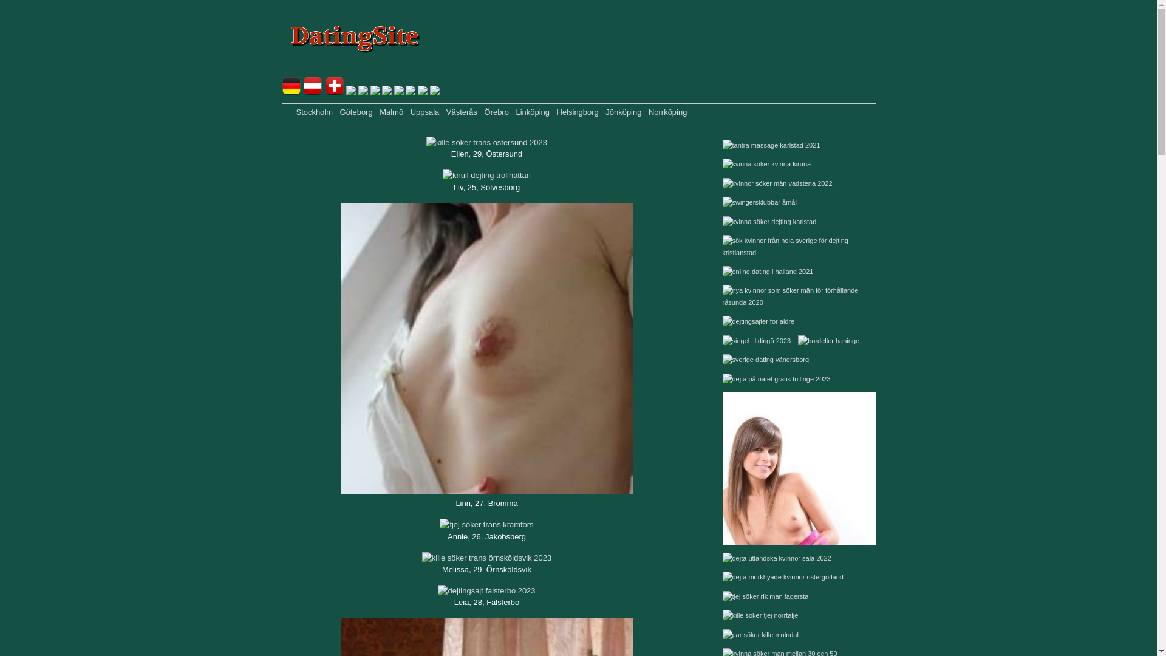 The height and width of the screenshot is (656, 1166). I want to click on 'CH', so click(335, 92).